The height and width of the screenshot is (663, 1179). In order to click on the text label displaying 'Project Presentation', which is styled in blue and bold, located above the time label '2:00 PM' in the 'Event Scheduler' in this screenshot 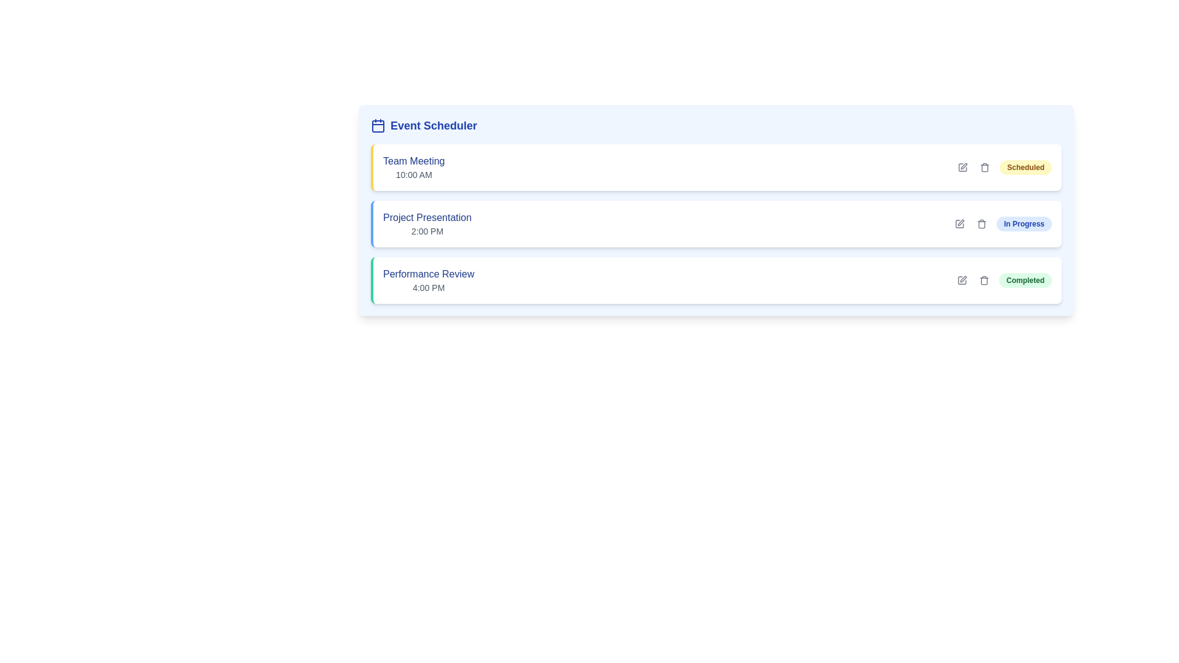, I will do `click(427, 217)`.